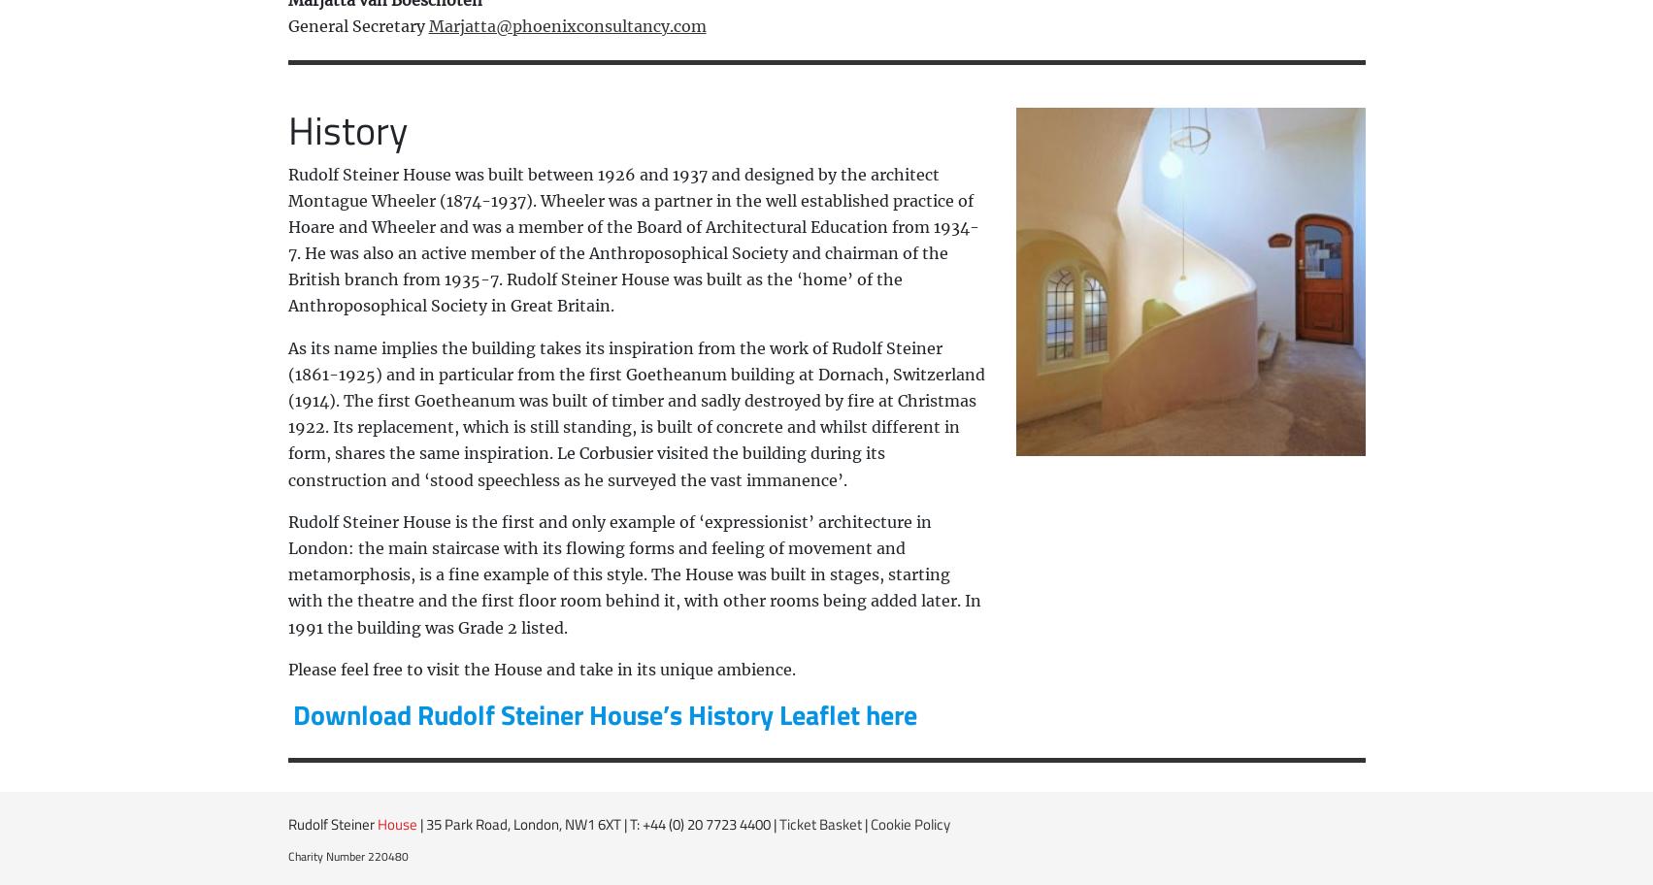 The image size is (1653, 885). Describe the element at coordinates (396, 824) in the screenshot. I see `'House'` at that location.